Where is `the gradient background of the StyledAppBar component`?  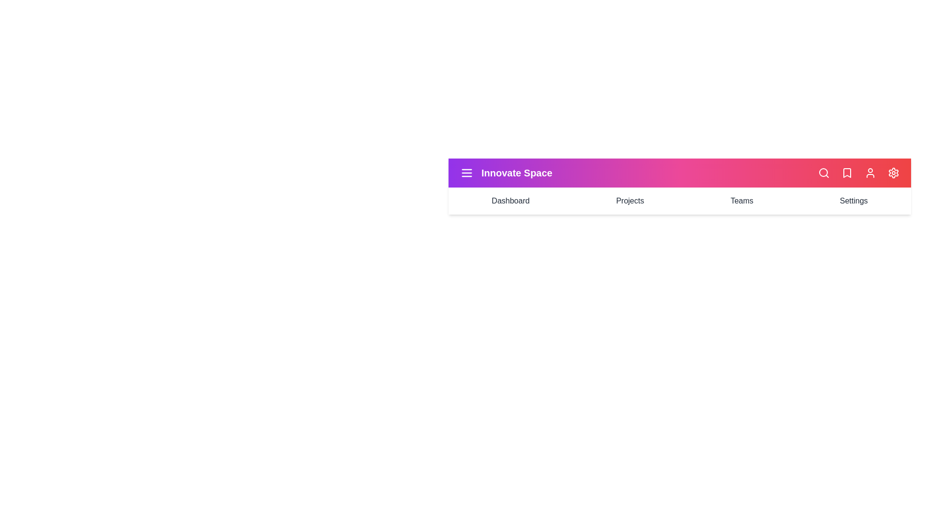 the gradient background of the StyledAppBar component is located at coordinates (679, 186).